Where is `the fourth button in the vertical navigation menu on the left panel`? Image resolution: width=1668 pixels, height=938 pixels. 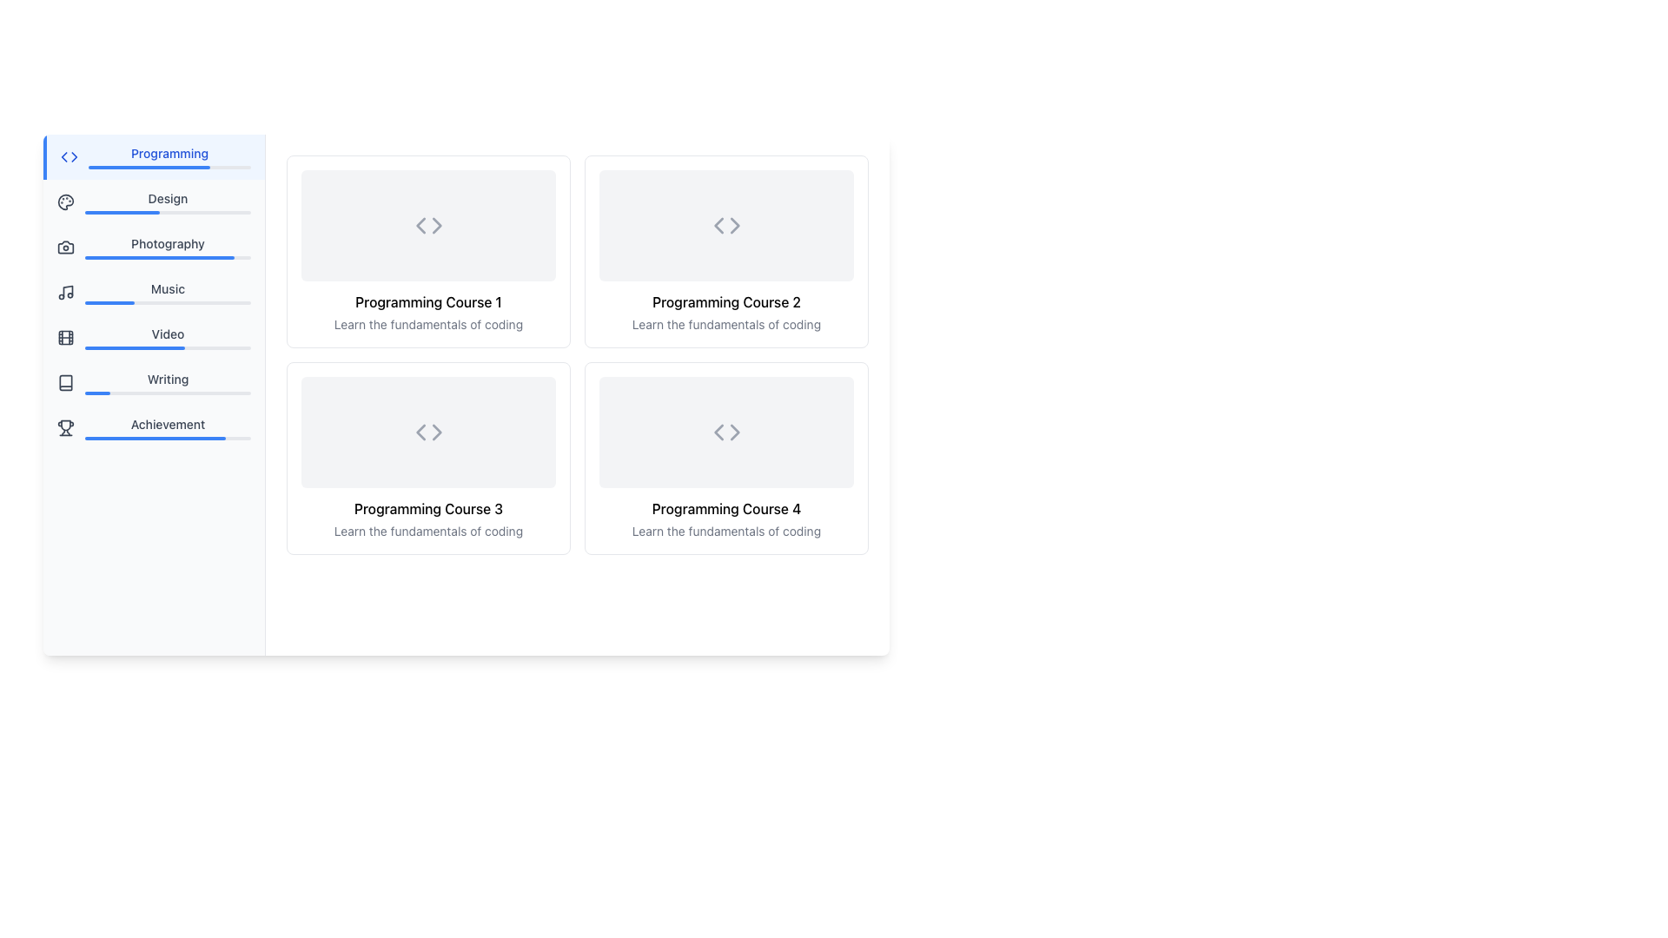 the fourth button in the vertical navigation menu on the left panel is located at coordinates (154, 291).